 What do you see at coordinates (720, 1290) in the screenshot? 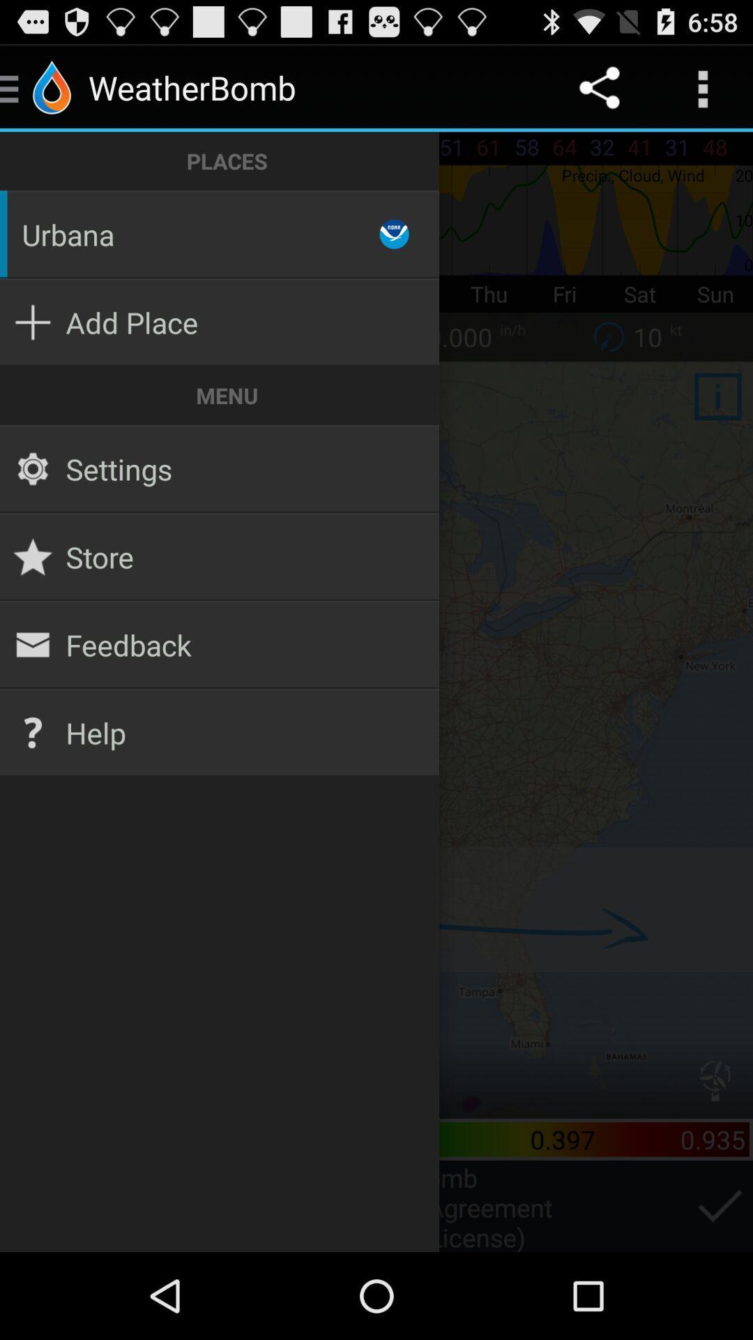
I see `the check icon` at bounding box center [720, 1290].